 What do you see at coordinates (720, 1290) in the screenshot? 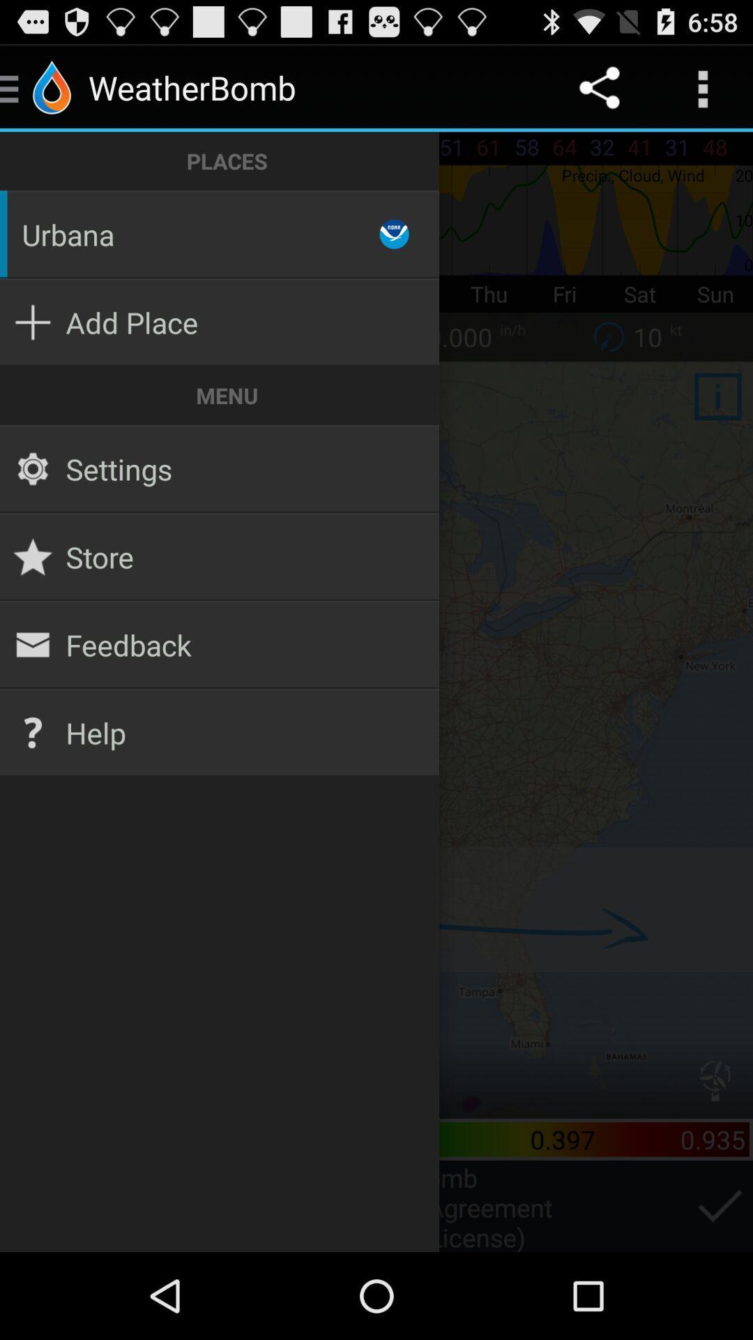
I see `the check icon` at bounding box center [720, 1290].